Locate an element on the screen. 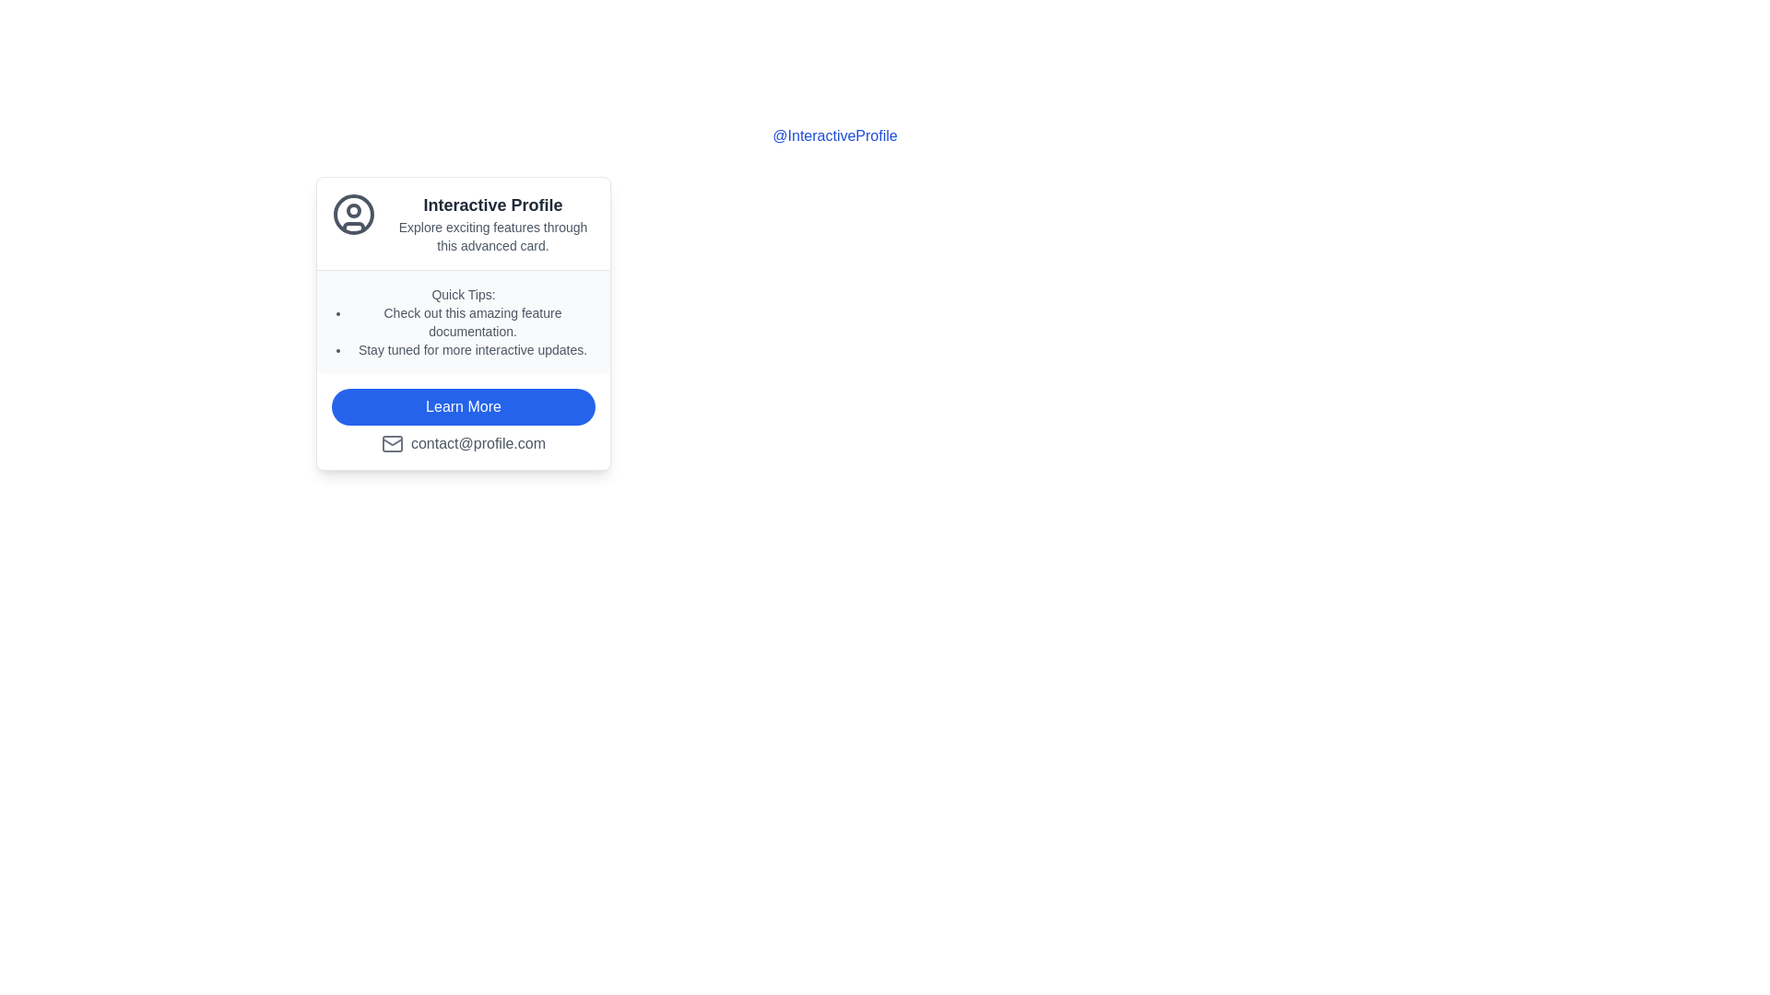 The height and width of the screenshot is (995, 1770). bolded text label that says 'Interactive Profile', which is styled with a dark gray font color and positioned at the top of the card interface is located at coordinates (492, 205).